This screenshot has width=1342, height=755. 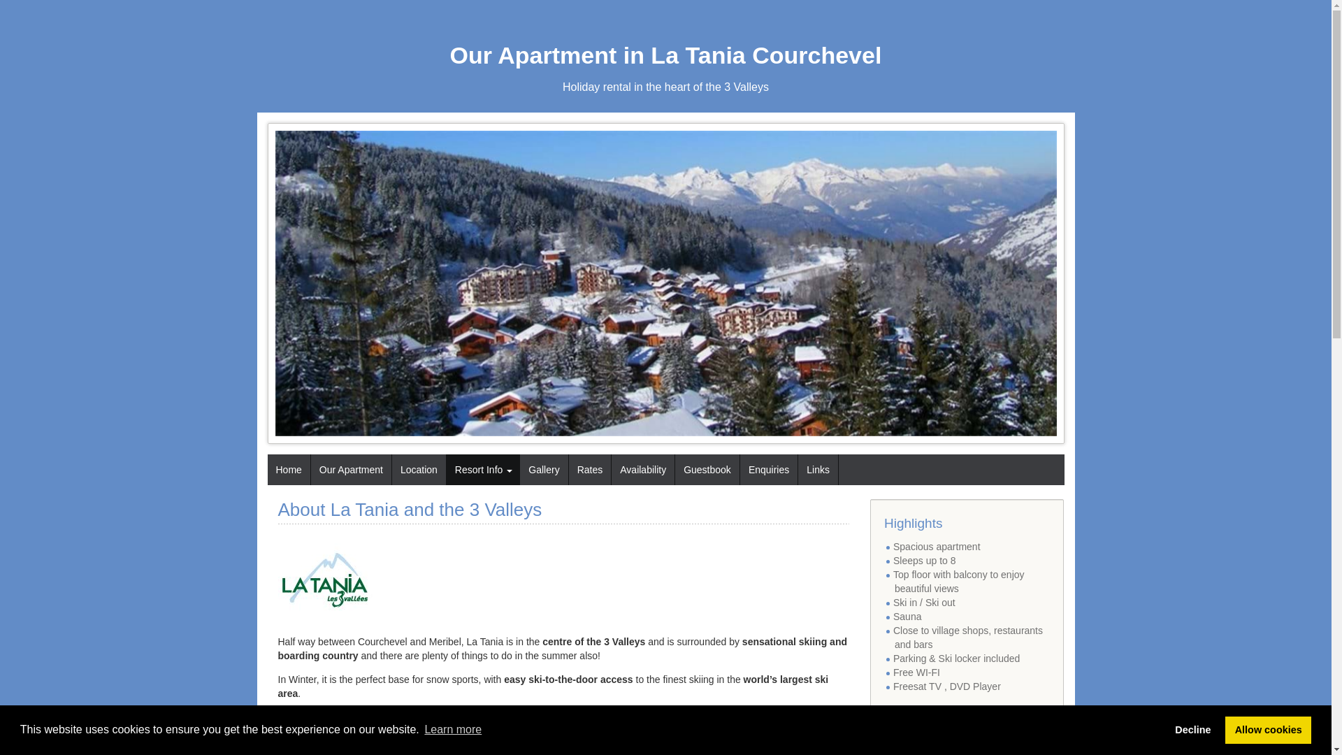 What do you see at coordinates (351, 469) in the screenshot?
I see `'Our Apartment'` at bounding box center [351, 469].